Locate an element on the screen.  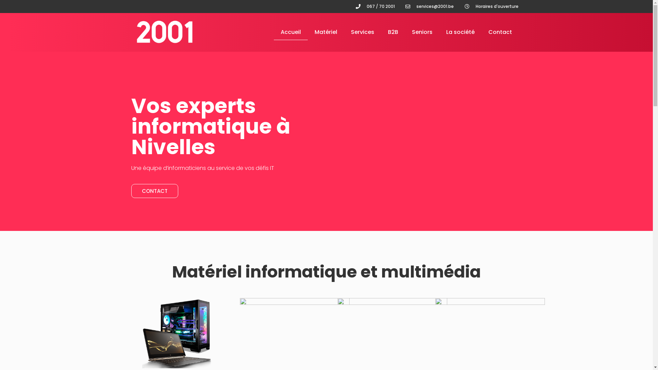
'services@2001.be' is located at coordinates (404, 7).